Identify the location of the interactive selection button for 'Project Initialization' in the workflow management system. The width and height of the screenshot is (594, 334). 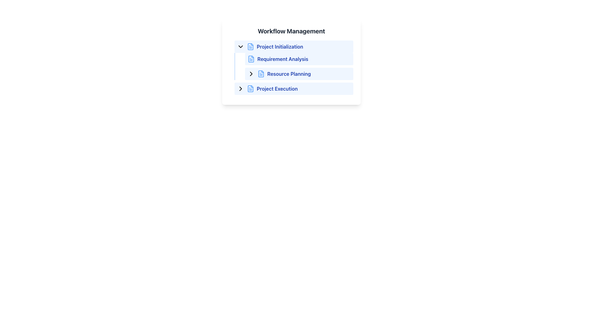
(294, 46).